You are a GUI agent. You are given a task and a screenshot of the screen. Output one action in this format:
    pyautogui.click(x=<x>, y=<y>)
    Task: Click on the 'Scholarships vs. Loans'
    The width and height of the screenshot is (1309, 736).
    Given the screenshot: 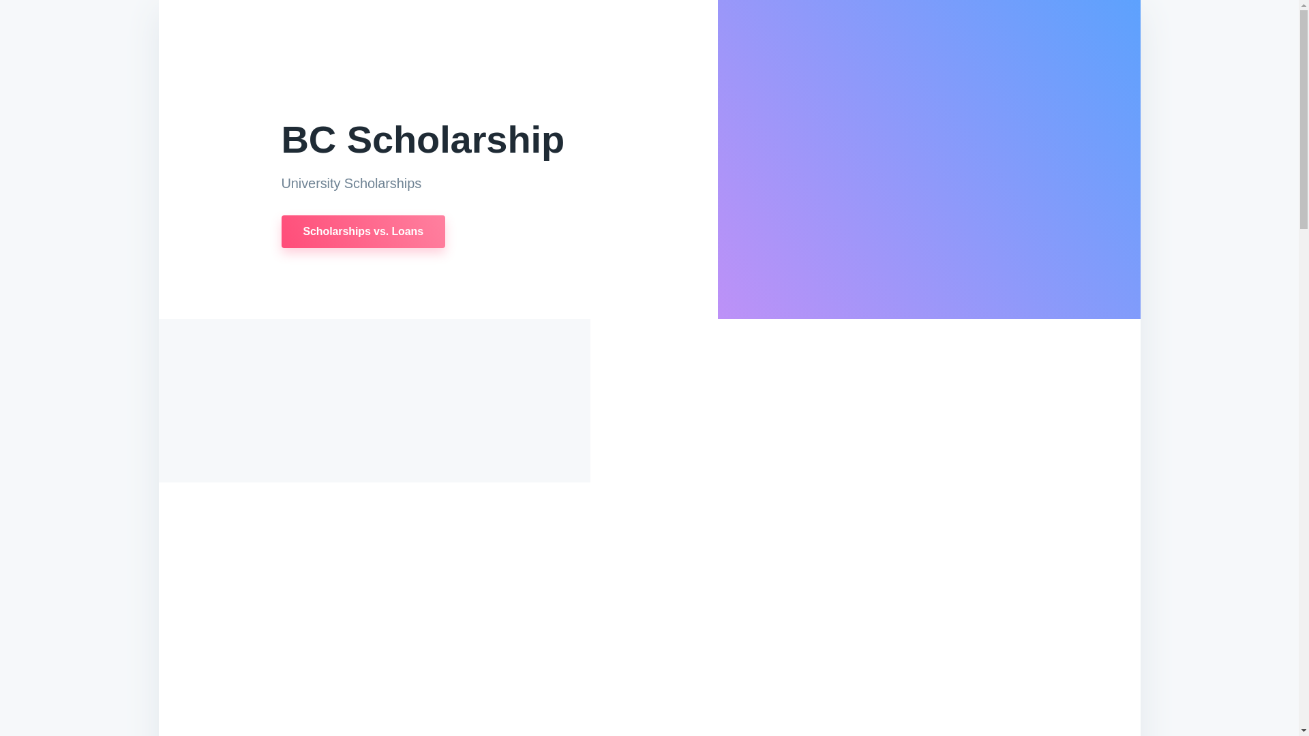 What is the action you would take?
    pyautogui.click(x=363, y=230)
    